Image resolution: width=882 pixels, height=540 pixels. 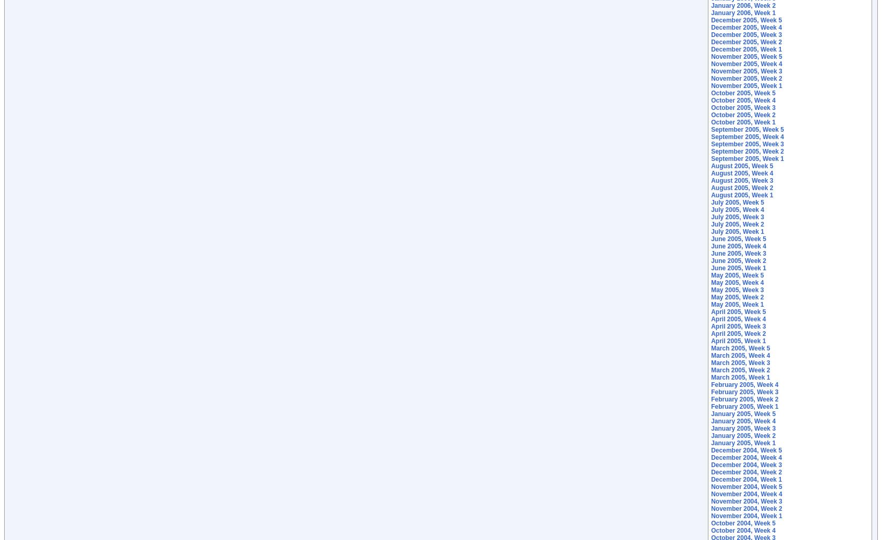 I want to click on 'February 2005, Week 1', so click(x=744, y=406).